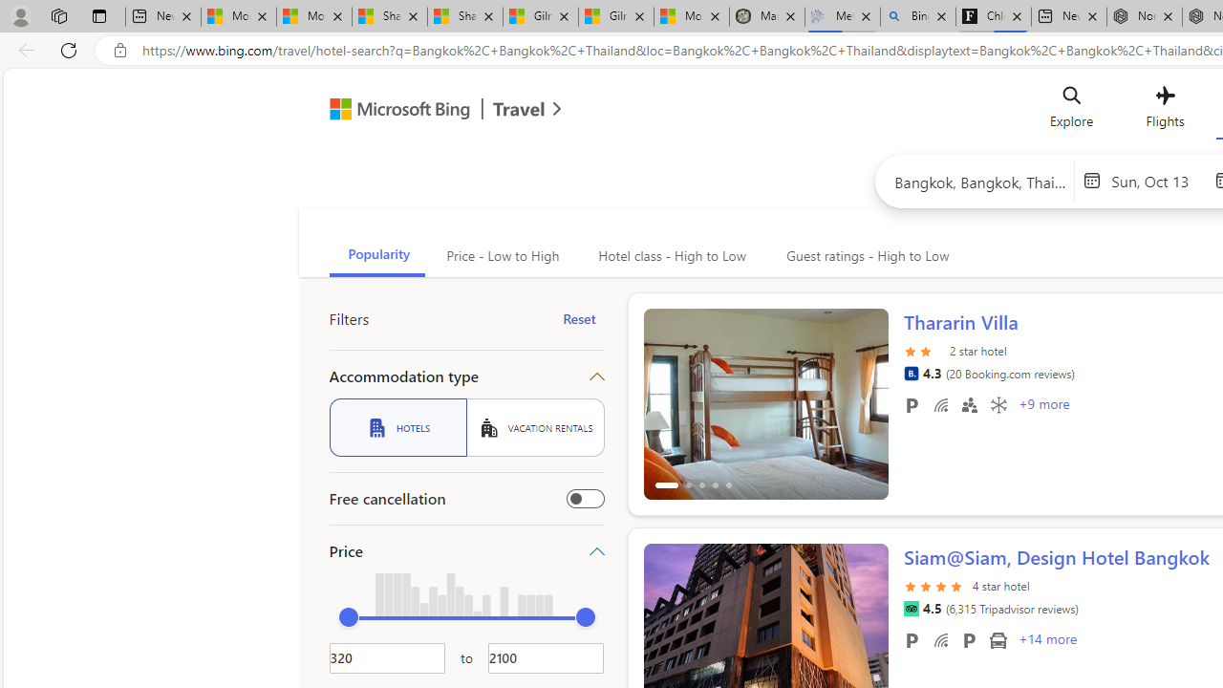  What do you see at coordinates (1045, 641) in the screenshot?
I see `'+14 More Amenities'` at bounding box center [1045, 641].